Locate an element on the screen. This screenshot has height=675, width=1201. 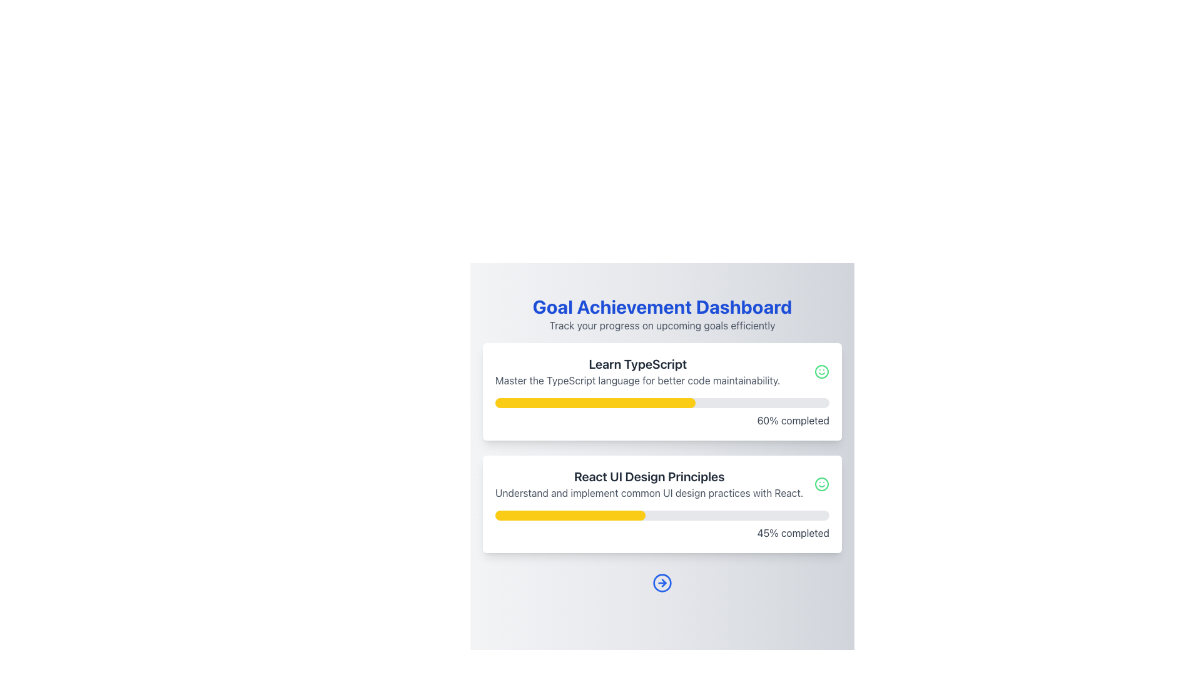
the color and width of the filled portion of the progress bar in the 'Learn TypeScript' card, which indicates 60% completion is located at coordinates (662, 402).